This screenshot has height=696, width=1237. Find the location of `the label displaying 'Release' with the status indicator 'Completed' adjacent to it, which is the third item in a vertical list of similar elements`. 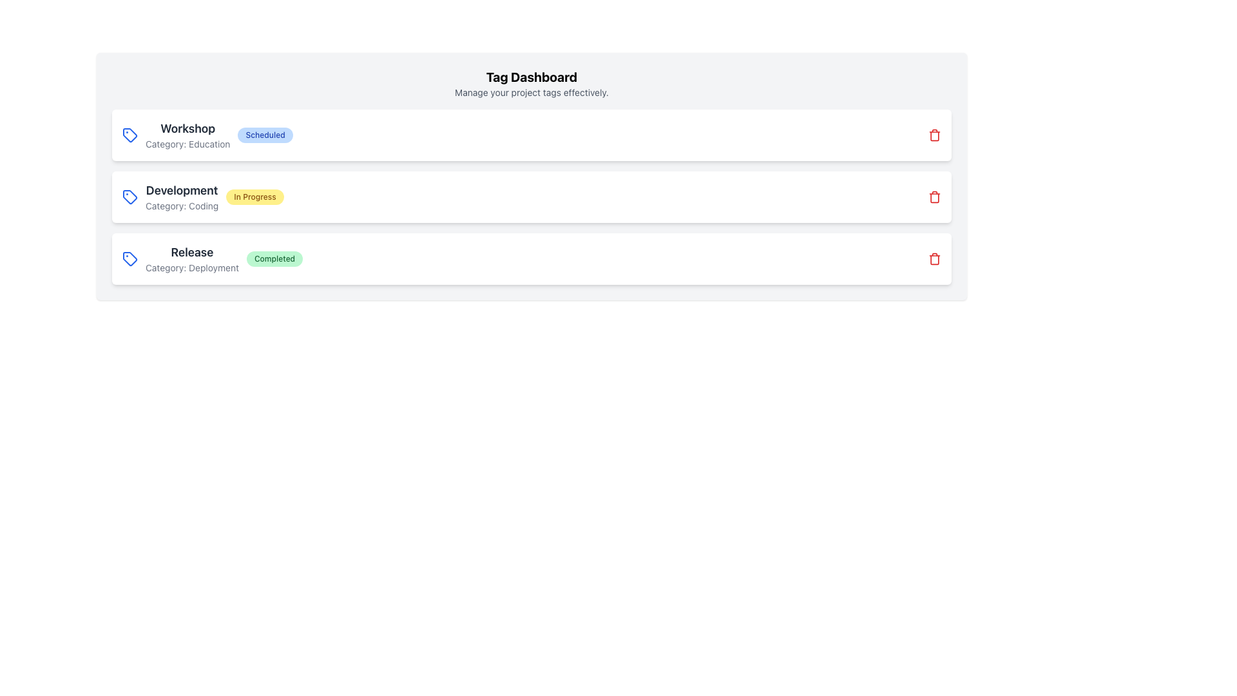

the label displaying 'Release' with the status indicator 'Completed' adjacent to it, which is the third item in a vertical list of similar elements is located at coordinates (213, 258).